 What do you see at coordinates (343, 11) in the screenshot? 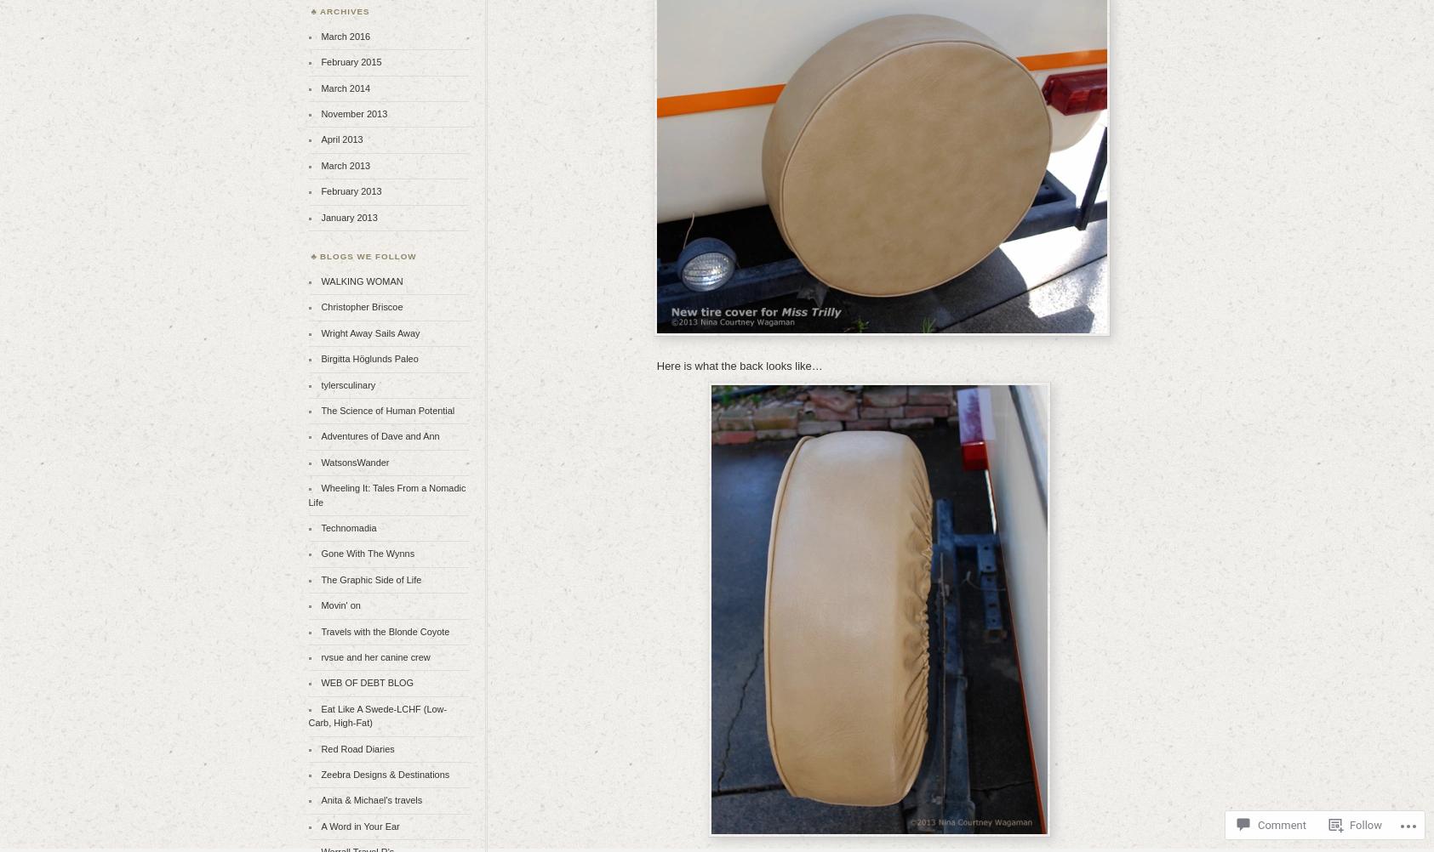
I see `'Archives'` at bounding box center [343, 11].